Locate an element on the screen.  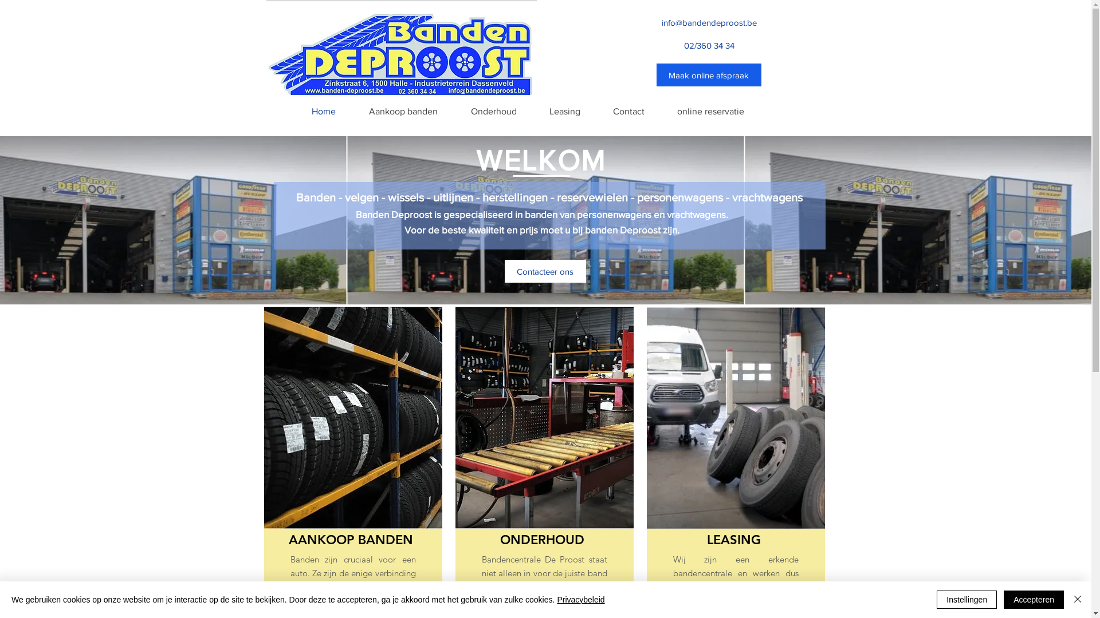
'02/360 34 34' is located at coordinates (709, 44).